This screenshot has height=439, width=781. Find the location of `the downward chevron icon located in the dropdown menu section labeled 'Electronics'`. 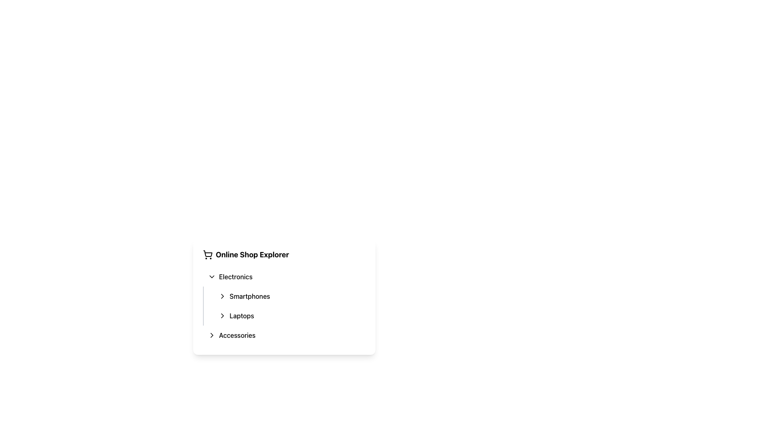

the downward chevron icon located in the dropdown menu section labeled 'Electronics' is located at coordinates (212, 276).